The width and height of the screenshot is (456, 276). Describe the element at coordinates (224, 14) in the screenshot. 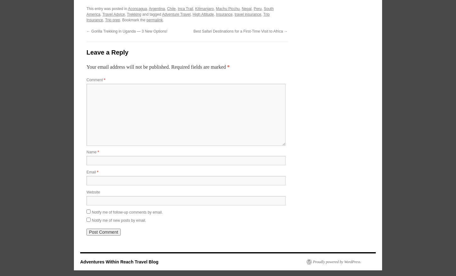

I see `'Insurance'` at that location.